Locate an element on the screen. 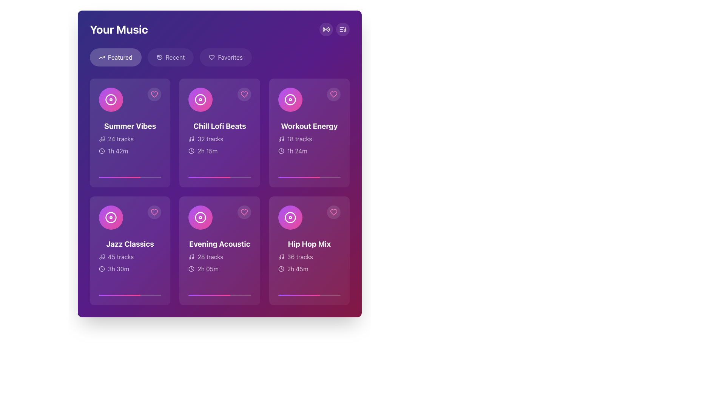 The width and height of the screenshot is (725, 408). the icon button representing music or playlists located near the top-right corner of the interface is located at coordinates (342, 29).